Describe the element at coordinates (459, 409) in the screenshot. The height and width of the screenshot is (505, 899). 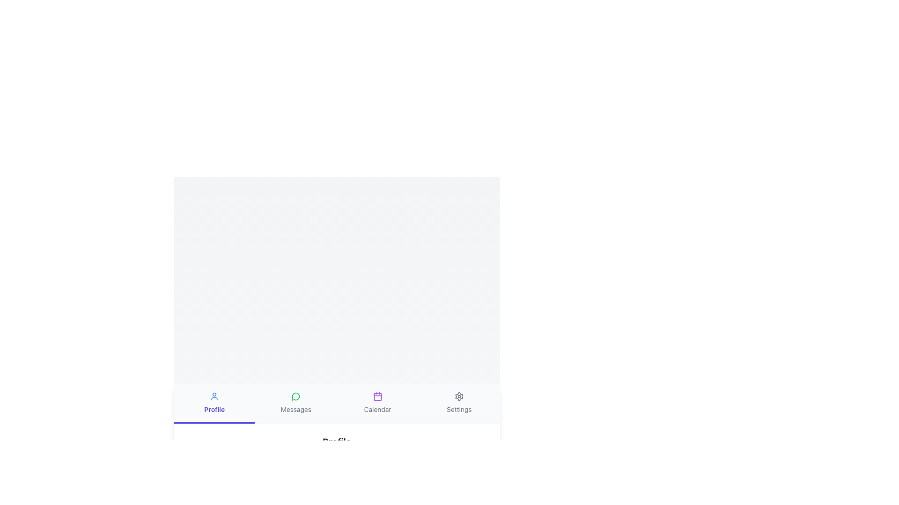
I see `the 'Settings' text label located in the footer navigation bar, positioned below the gear icon` at that location.